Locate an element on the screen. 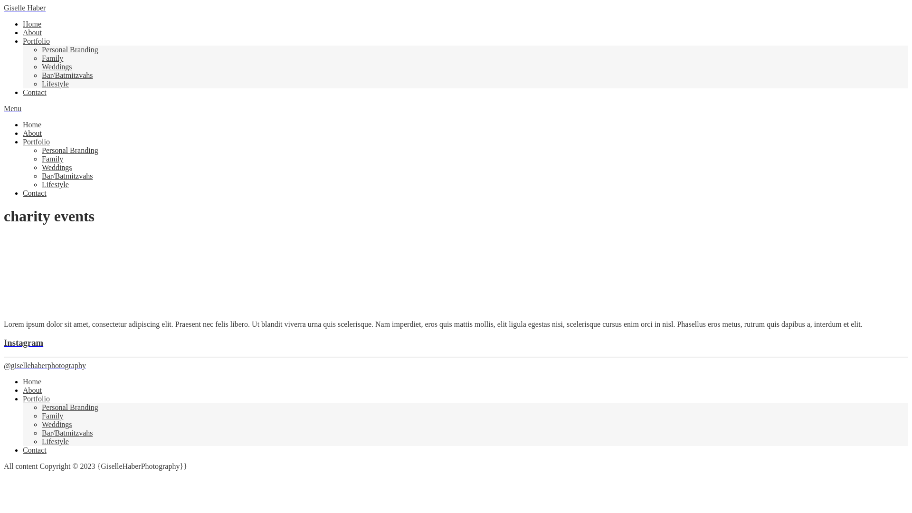  'Lifestyle' is located at coordinates (55, 83).